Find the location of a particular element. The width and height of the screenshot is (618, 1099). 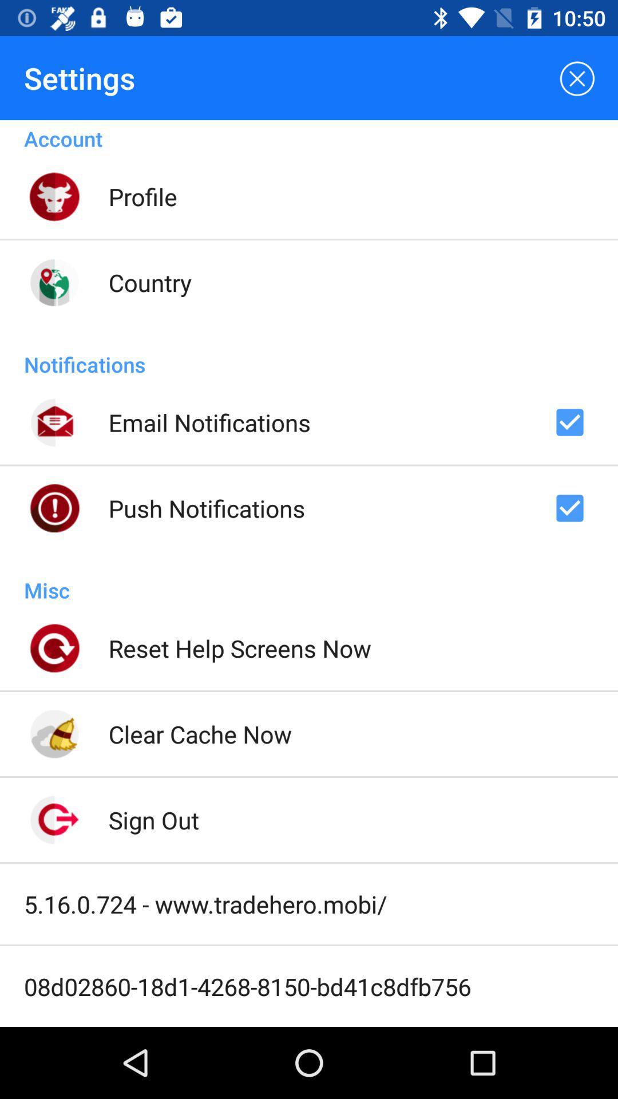

08d02860 18d1 4268 icon is located at coordinates (247, 986).